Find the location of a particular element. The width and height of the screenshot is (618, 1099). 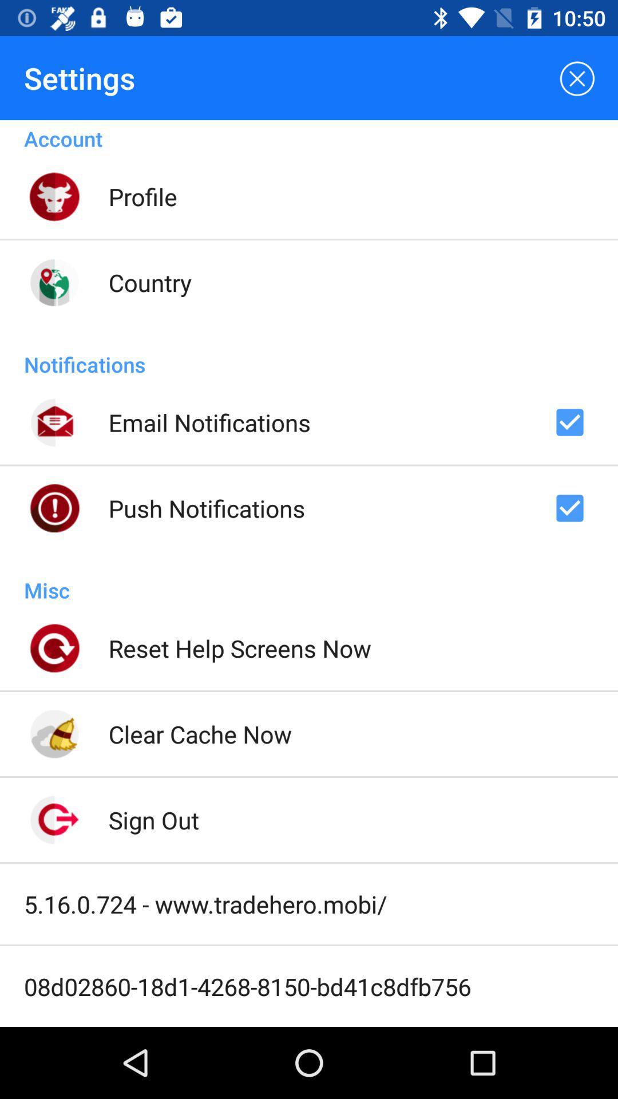

08d02860 18d1 4268 icon is located at coordinates (247, 986).